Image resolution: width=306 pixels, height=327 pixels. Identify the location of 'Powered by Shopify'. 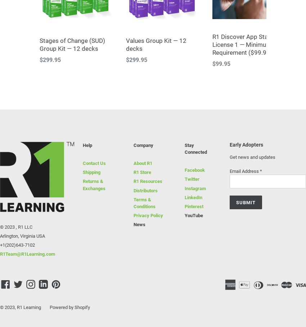
(69, 307).